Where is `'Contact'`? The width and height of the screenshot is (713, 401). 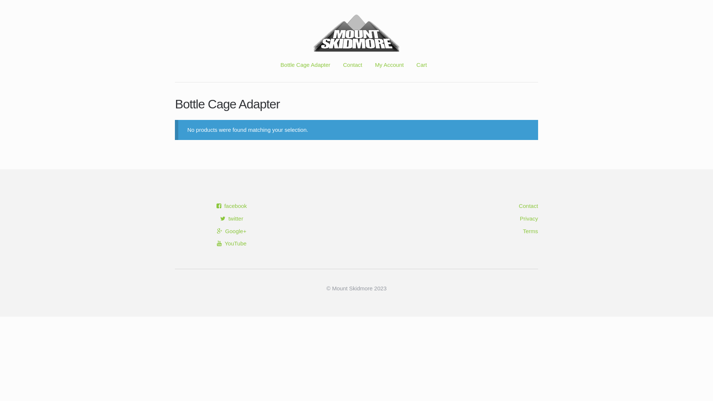
'Contact' is located at coordinates (528, 206).